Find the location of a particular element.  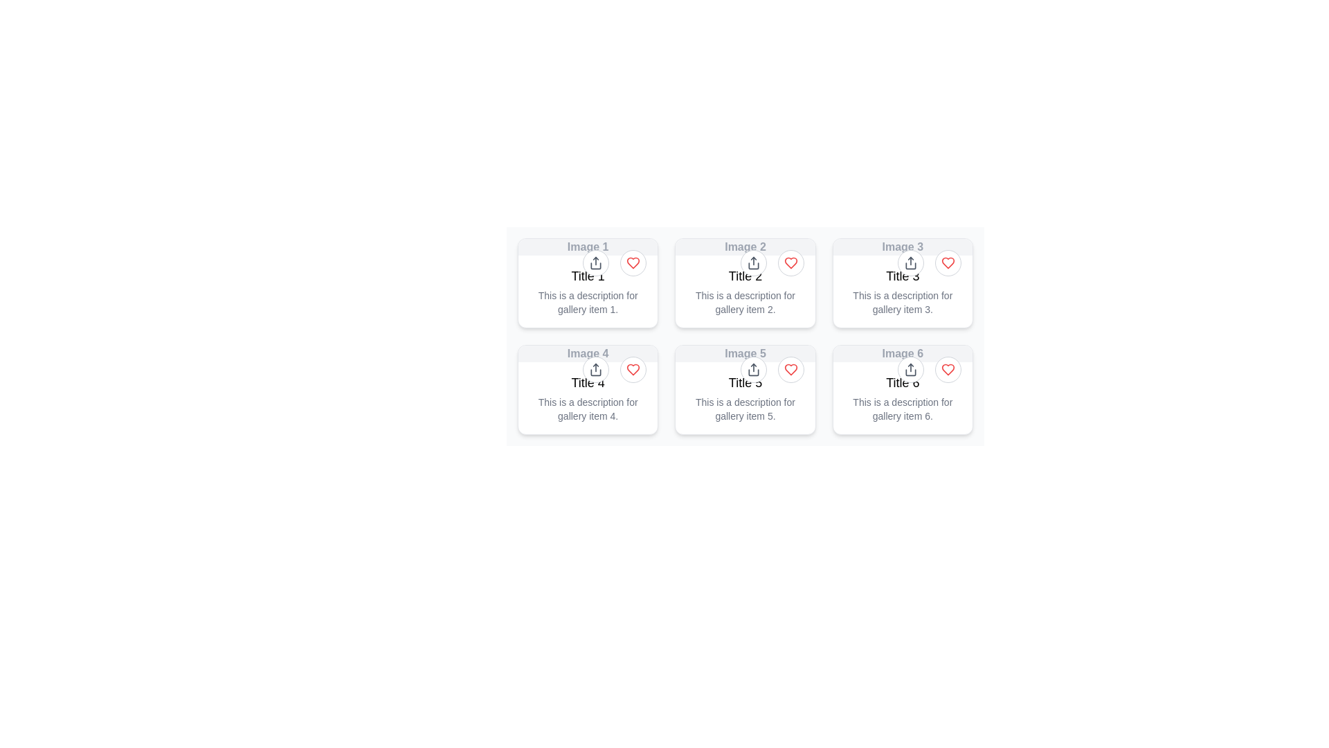

the text label reading 'Image 1' which is styled in gray and located at the upper left corner of the first card in a 2-row, 3-column grid is located at coordinates (588, 247).